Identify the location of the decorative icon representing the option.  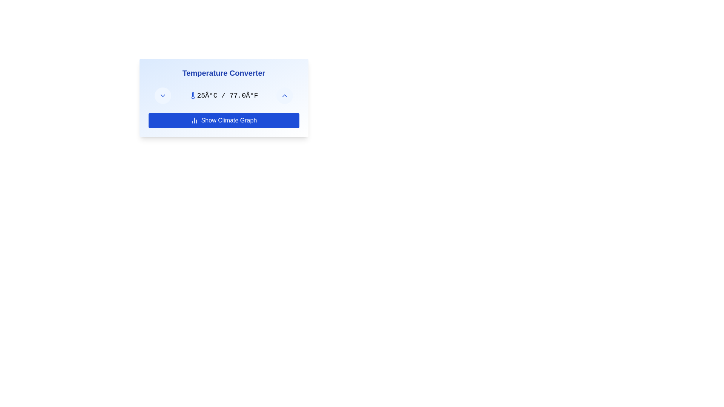
(194, 120).